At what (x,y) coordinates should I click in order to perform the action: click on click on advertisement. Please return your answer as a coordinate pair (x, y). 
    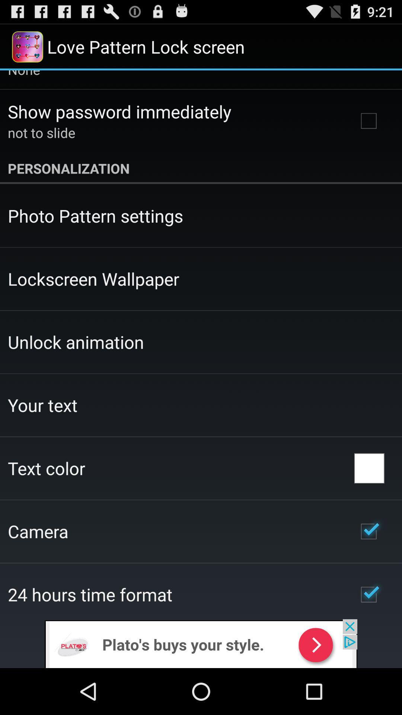
    Looking at the image, I should click on (201, 643).